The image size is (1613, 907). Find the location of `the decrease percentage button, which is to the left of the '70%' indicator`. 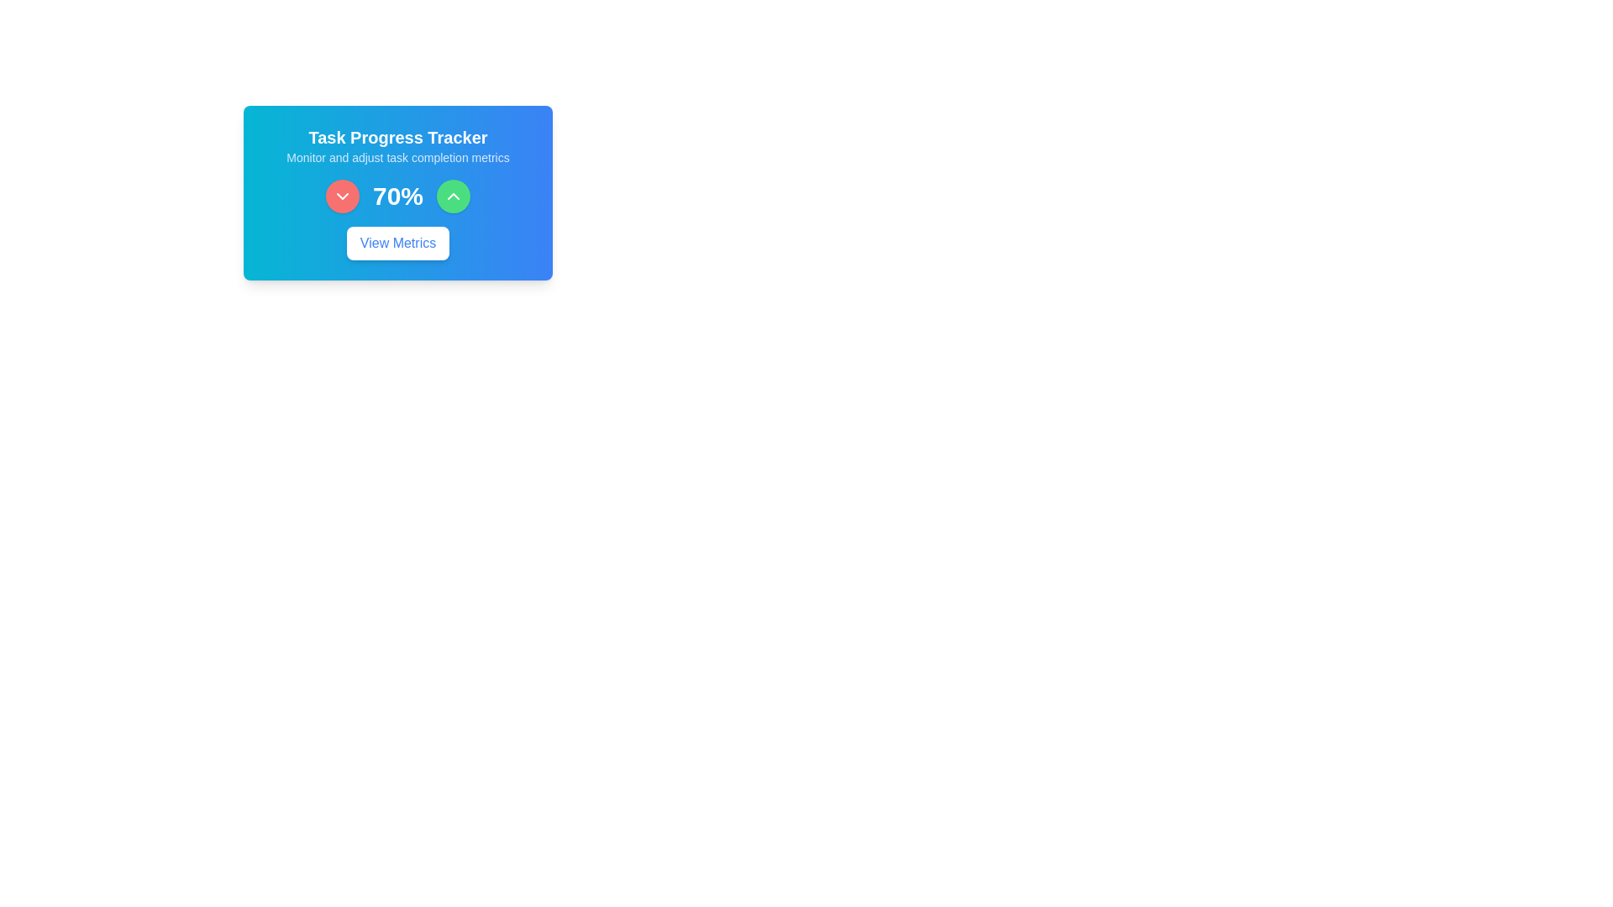

the decrease percentage button, which is to the left of the '70%' indicator is located at coordinates (342, 196).